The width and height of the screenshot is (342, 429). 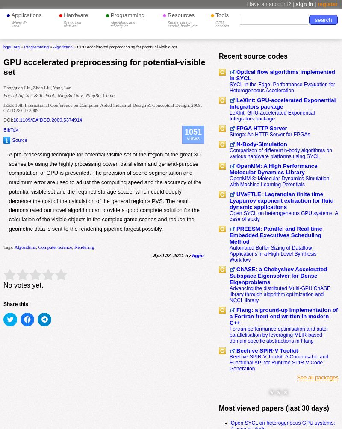 I want to click on 'Mathematics', so click(x=21, y=93).